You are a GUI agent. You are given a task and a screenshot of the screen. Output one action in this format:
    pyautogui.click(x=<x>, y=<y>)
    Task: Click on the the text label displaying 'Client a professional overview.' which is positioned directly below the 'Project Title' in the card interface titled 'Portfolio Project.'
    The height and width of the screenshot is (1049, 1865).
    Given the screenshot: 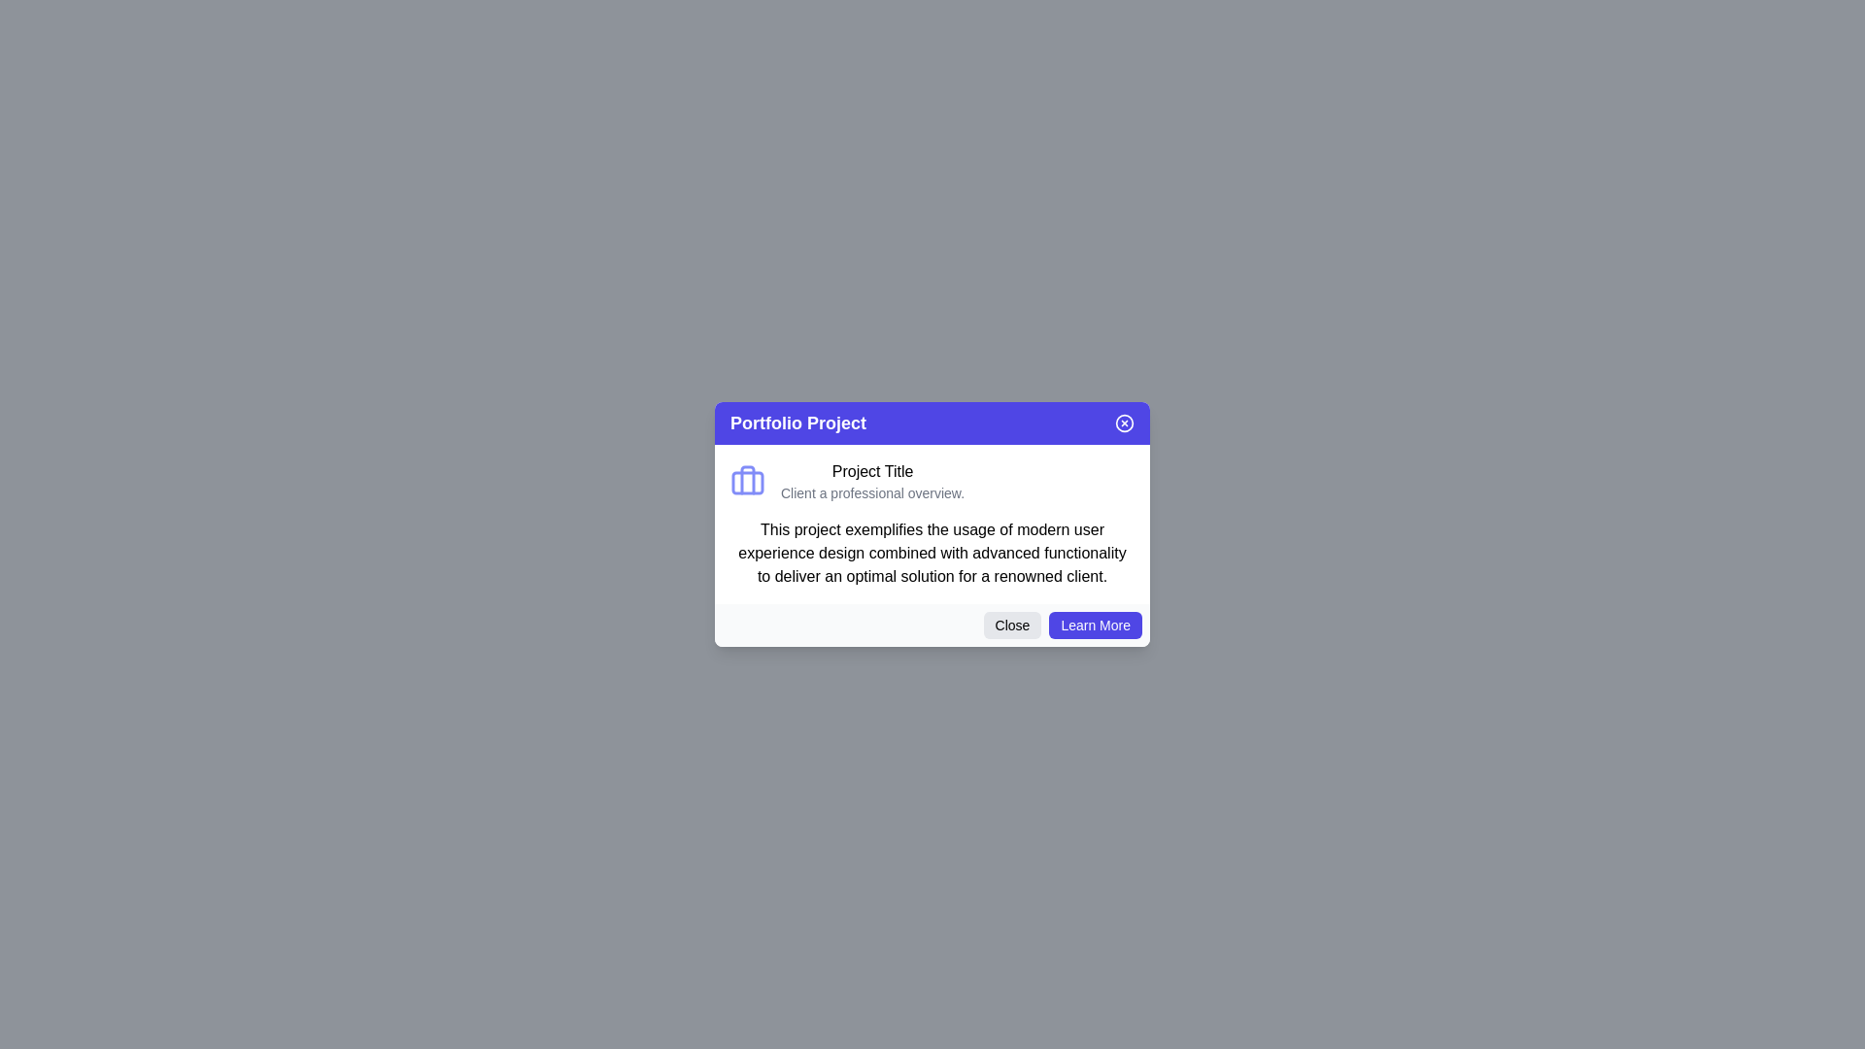 What is the action you would take?
    pyautogui.click(x=871, y=492)
    